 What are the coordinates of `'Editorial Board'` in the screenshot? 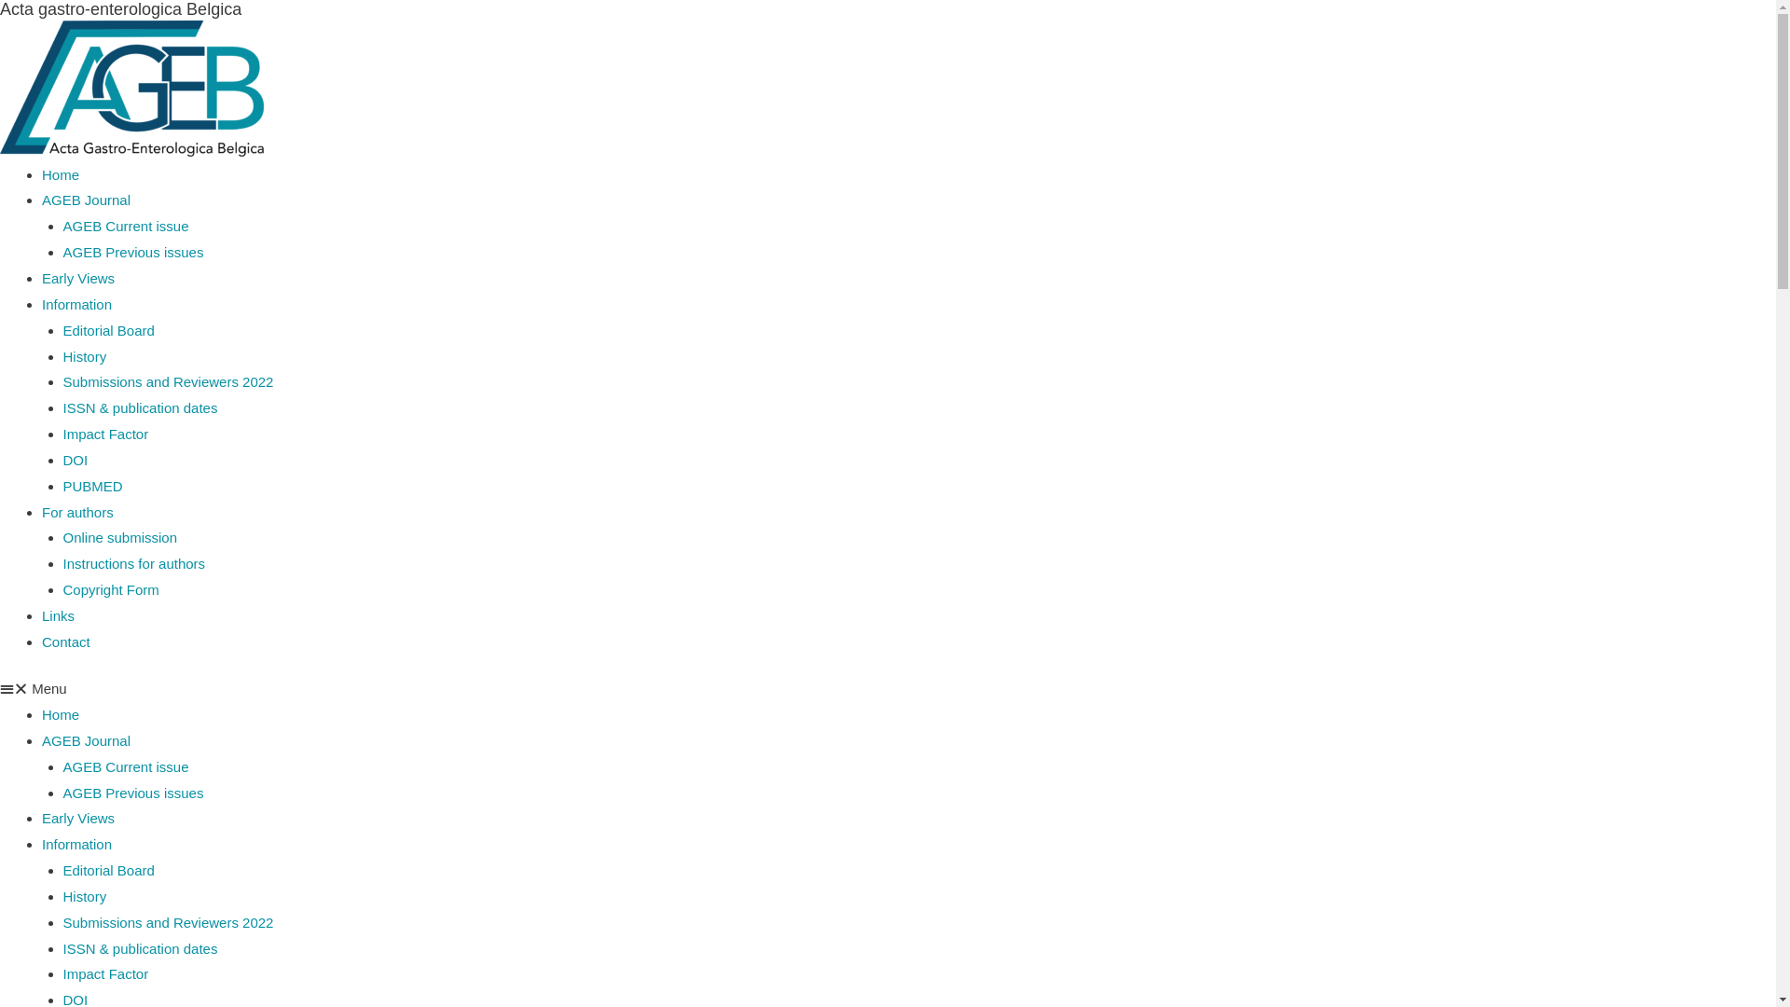 It's located at (107, 870).